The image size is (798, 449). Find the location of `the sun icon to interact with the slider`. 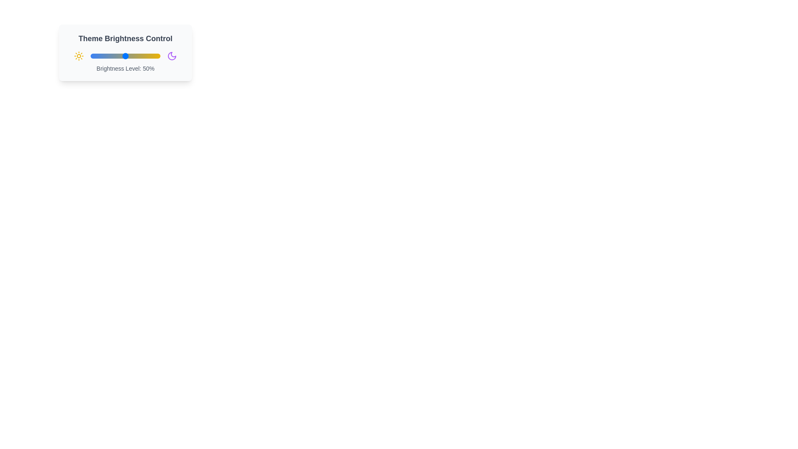

the sun icon to interact with the slider is located at coordinates (79, 56).